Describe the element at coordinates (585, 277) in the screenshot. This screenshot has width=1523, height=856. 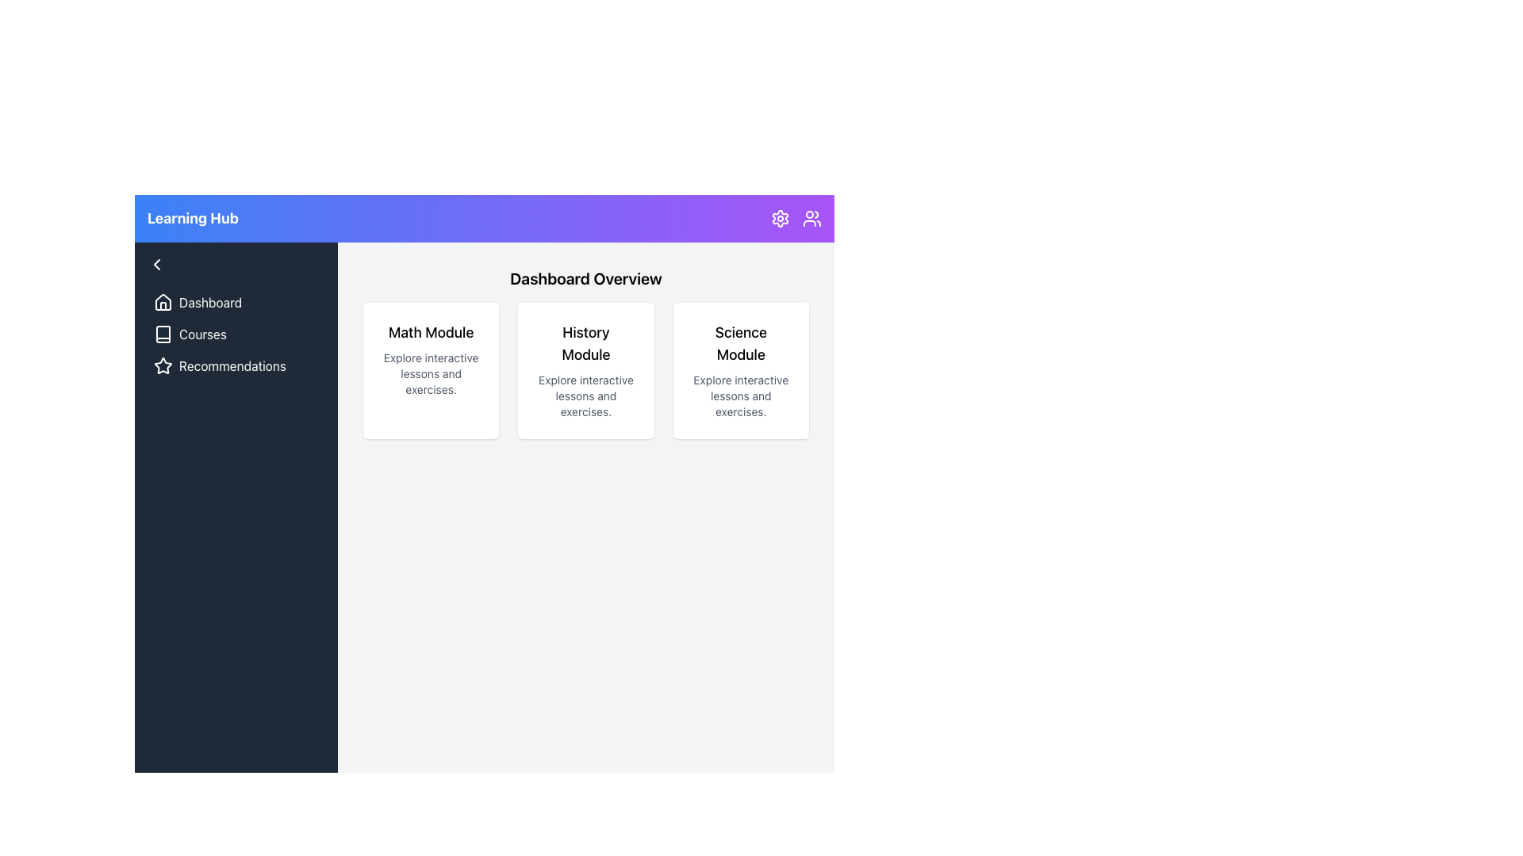
I see `the Text Label that serves as a title or heading for the dashboard section, located at the top of the main content area above the modules grid layout` at that location.